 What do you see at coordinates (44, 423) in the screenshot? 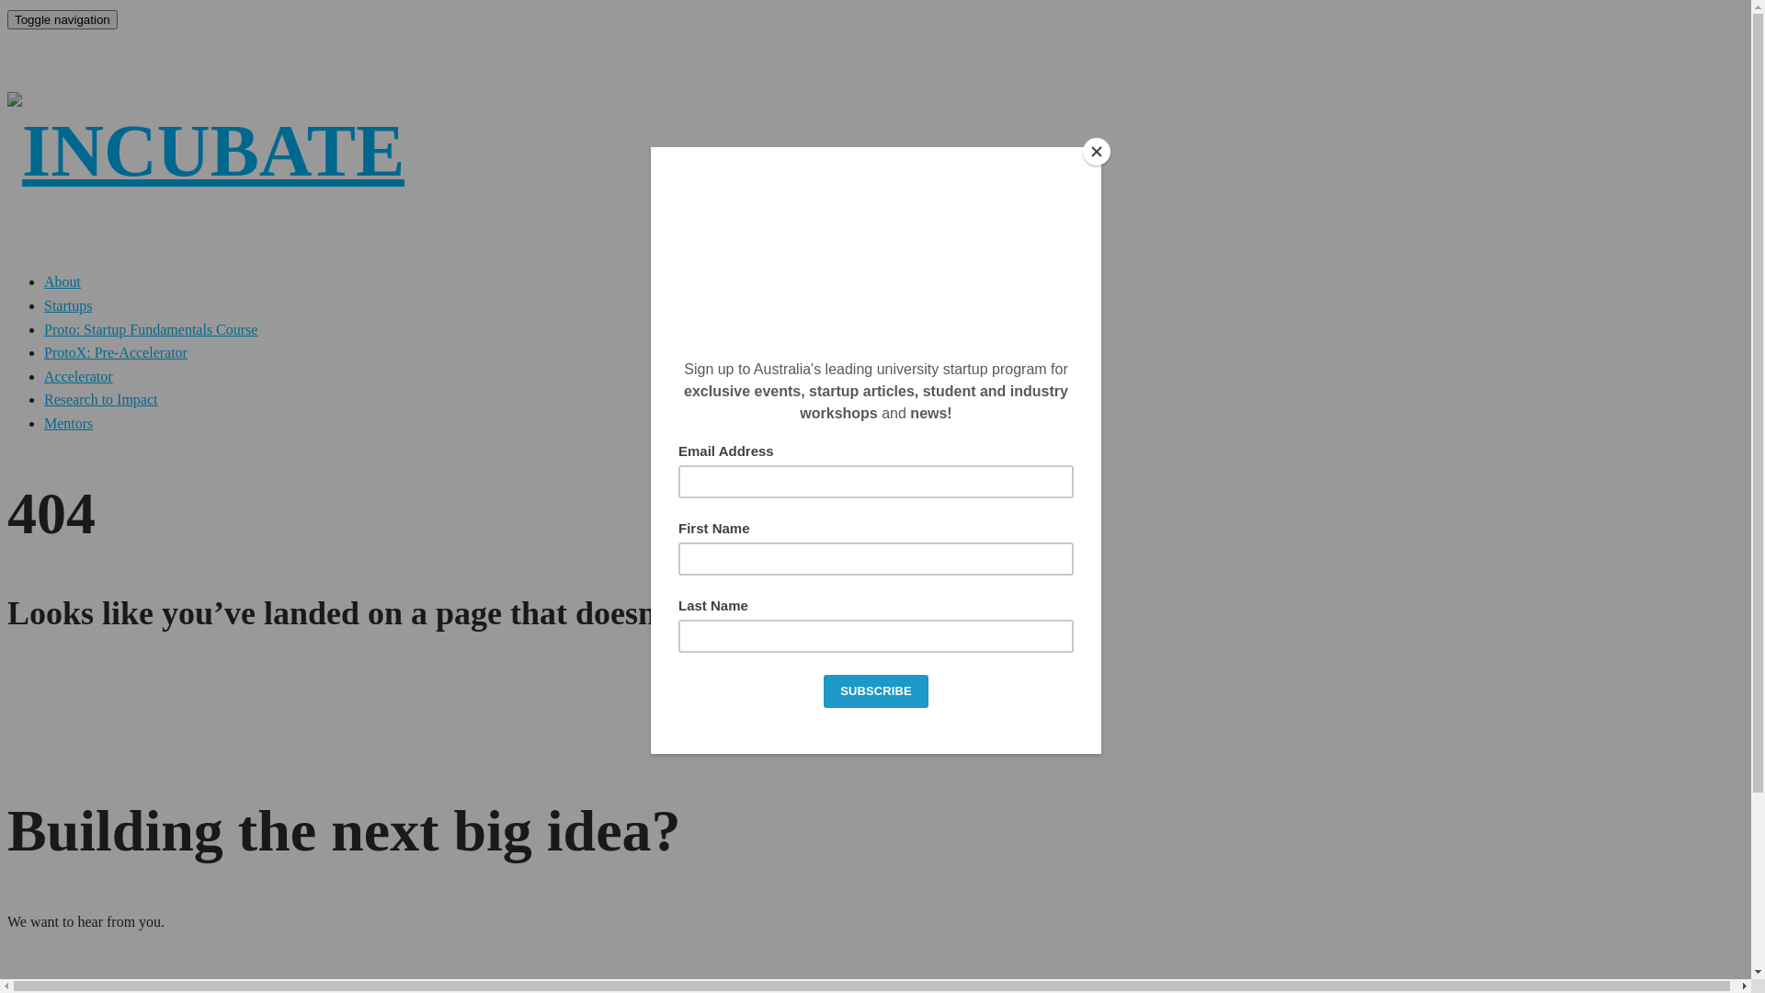
I see `'Mentors'` at bounding box center [44, 423].